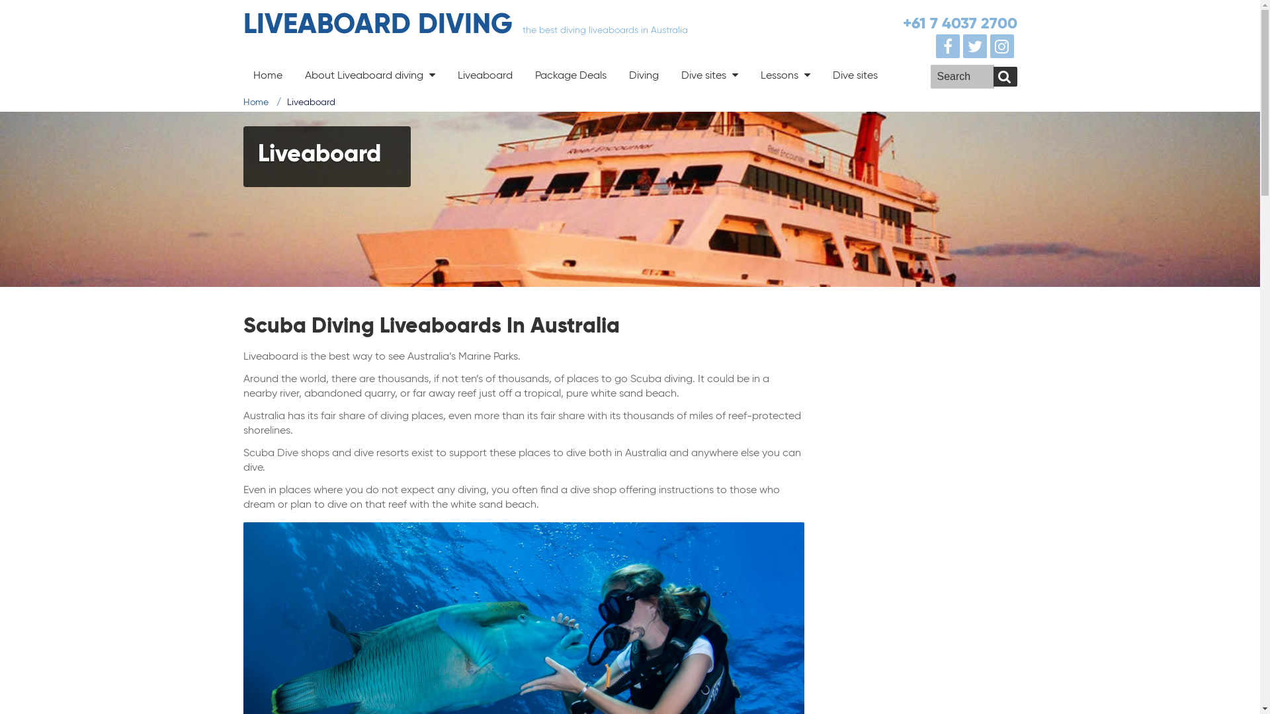  Describe the element at coordinates (976, 46) in the screenshot. I see `'0 followers on Twitter'` at that location.